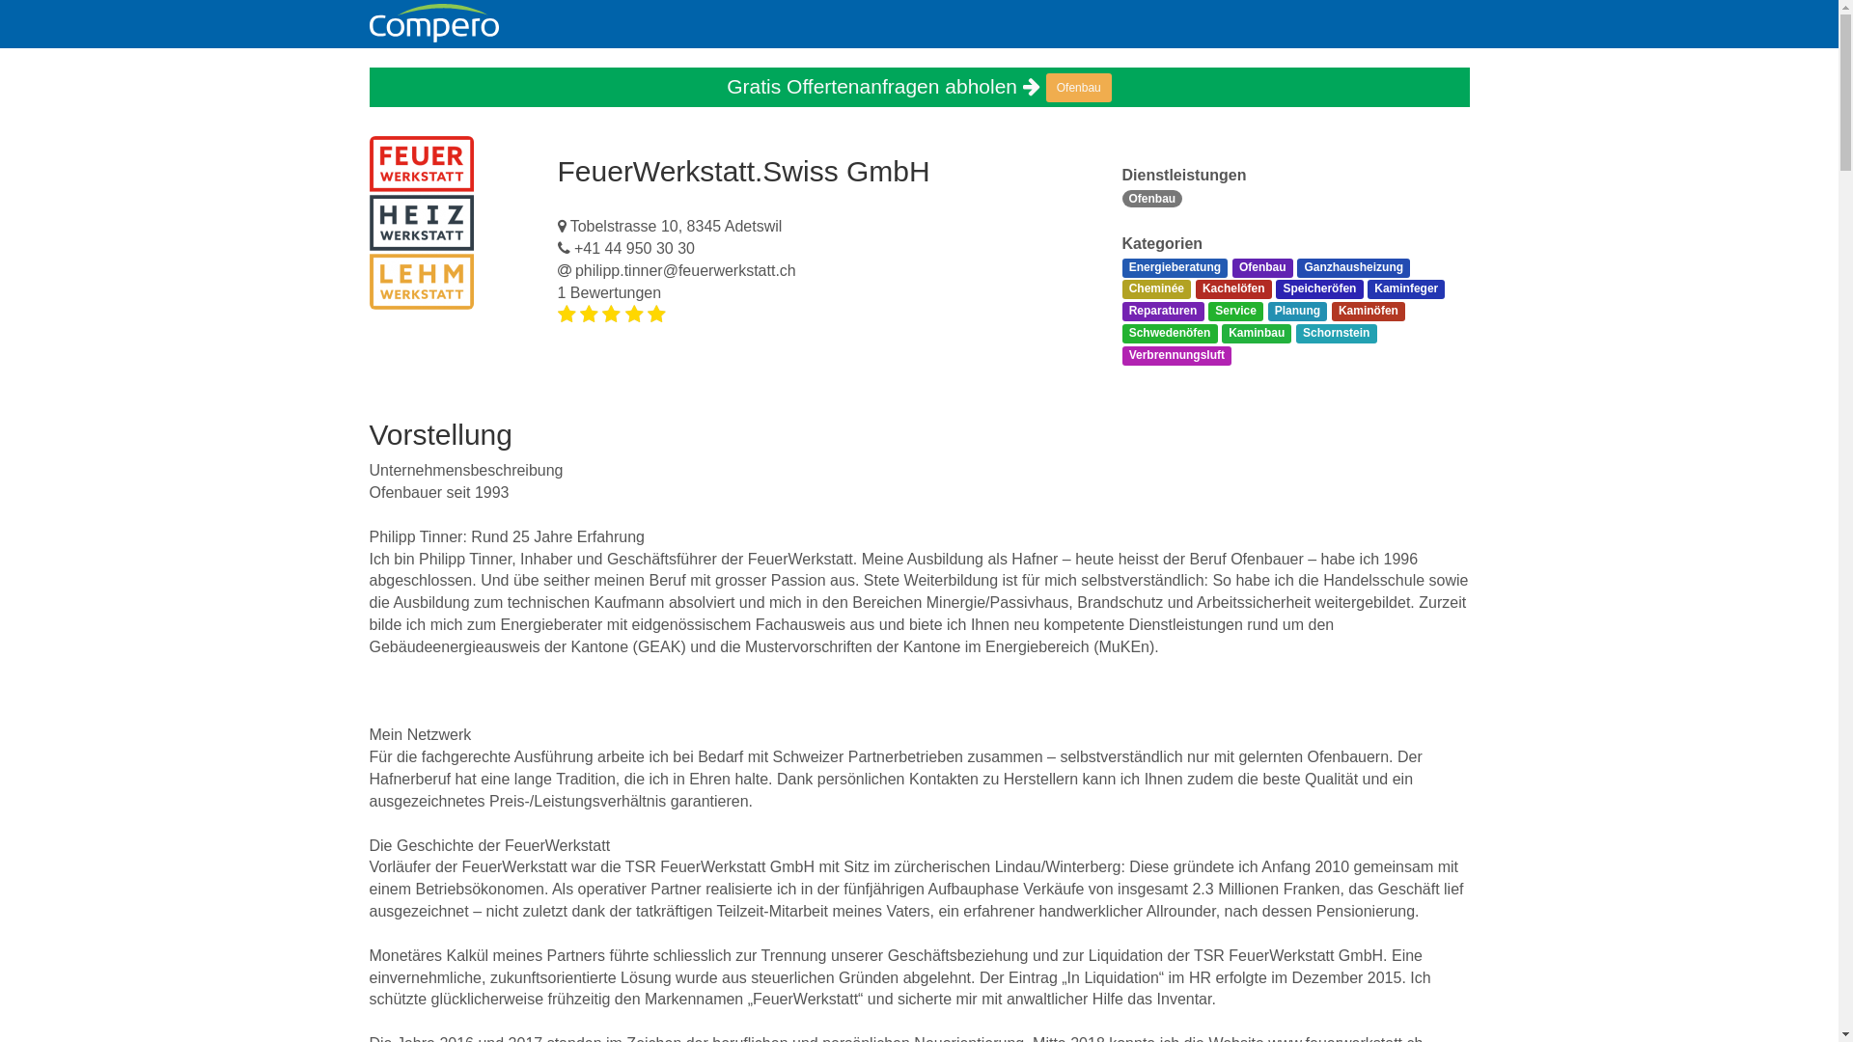 The width and height of the screenshot is (1853, 1042). Describe the element at coordinates (1078, 88) in the screenshot. I see `'Ofenbau'` at that location.